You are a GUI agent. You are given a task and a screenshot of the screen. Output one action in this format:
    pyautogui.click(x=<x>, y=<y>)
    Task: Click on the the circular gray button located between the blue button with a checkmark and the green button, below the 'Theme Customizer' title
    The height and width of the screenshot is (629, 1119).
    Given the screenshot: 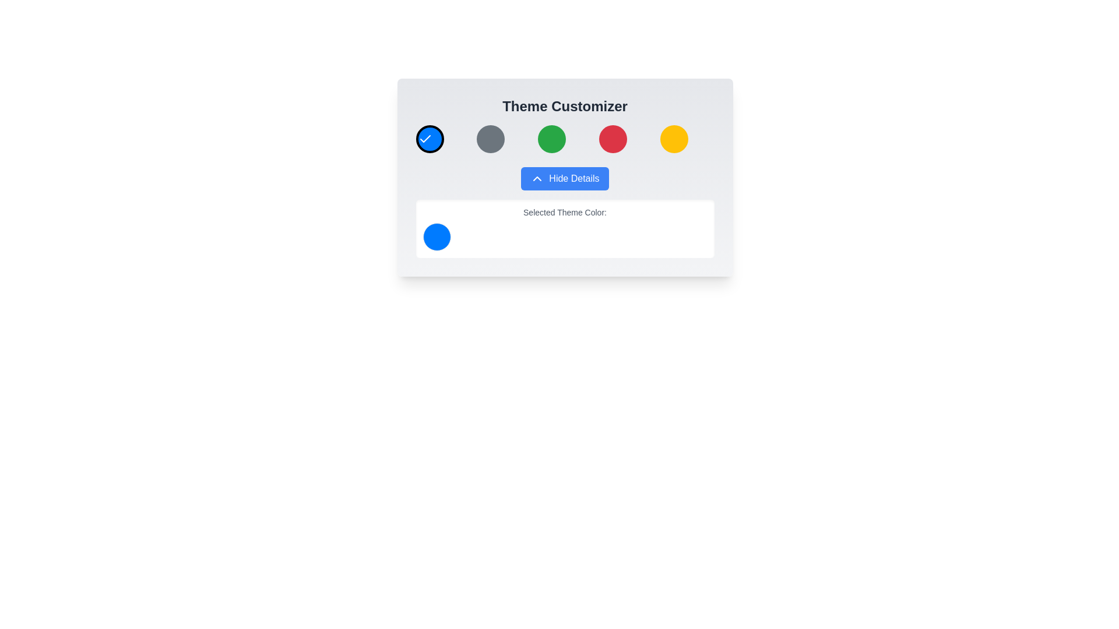 What is the action you would take?
    pyautogui.click(x=491, y=139)
    